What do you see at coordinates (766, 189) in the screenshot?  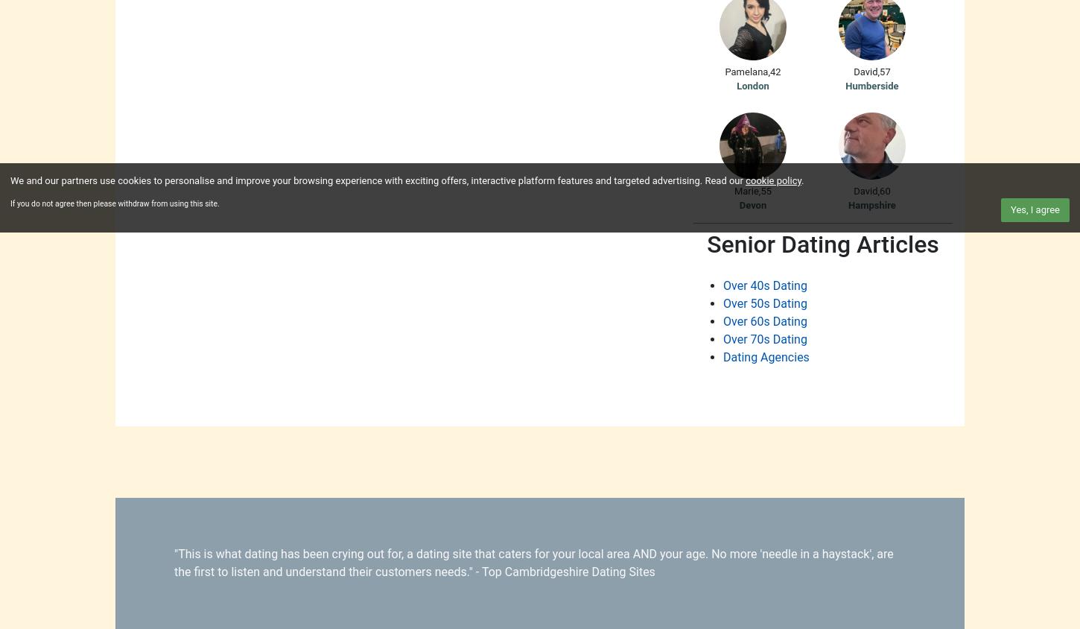 I see `'55'` at bounding box center [766, 189].